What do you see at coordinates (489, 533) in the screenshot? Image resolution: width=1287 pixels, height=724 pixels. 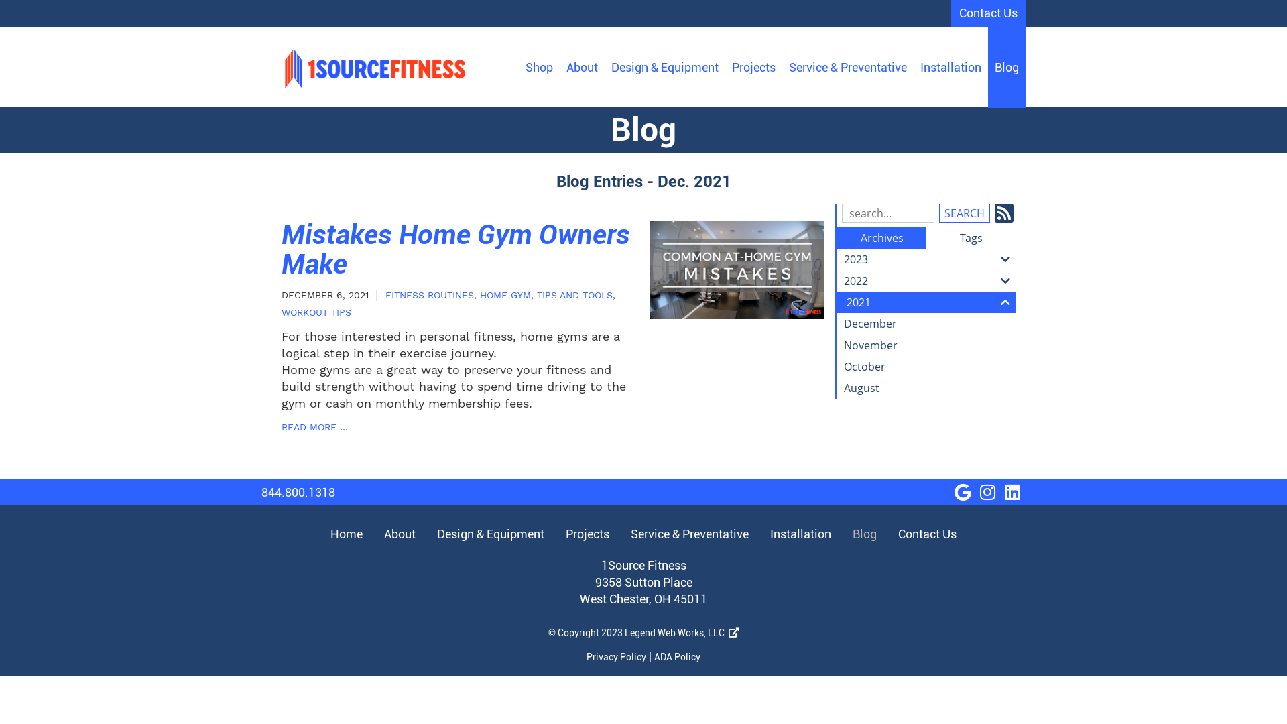 I see `'Design & Equipment'` at bounding box center [489, 533].